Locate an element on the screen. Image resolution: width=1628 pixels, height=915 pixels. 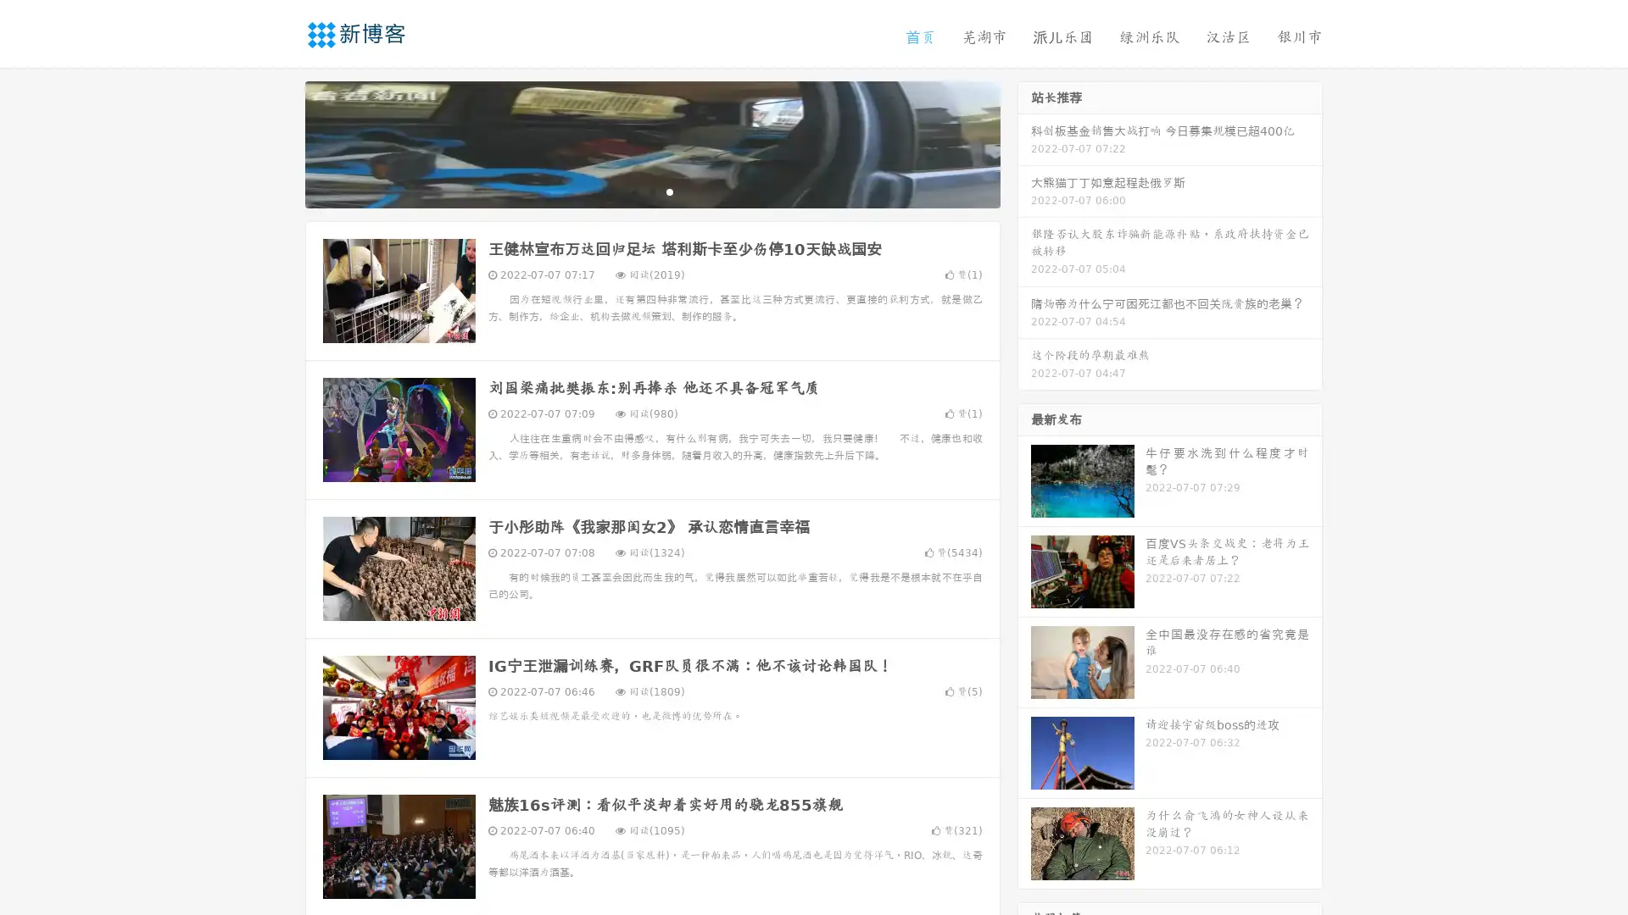
Previous slide is located at coordinates (280, 142).